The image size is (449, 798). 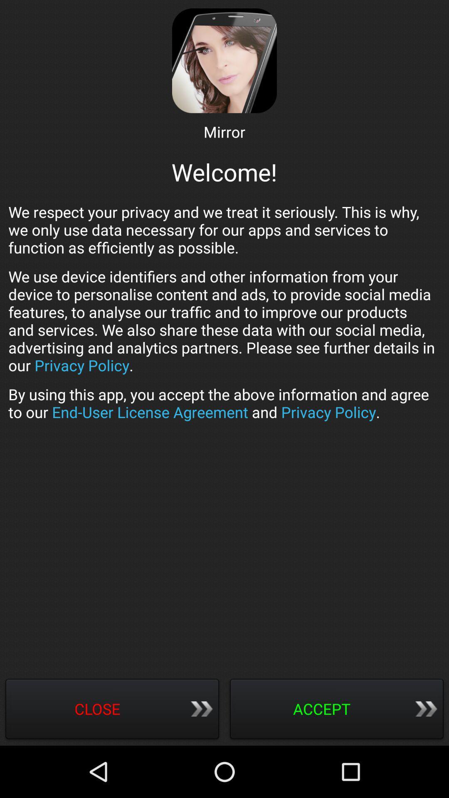 What do you see at coordinates (224, 403) in the screenshot?
I see `button above the close icon` at bounding box center [224, 403].